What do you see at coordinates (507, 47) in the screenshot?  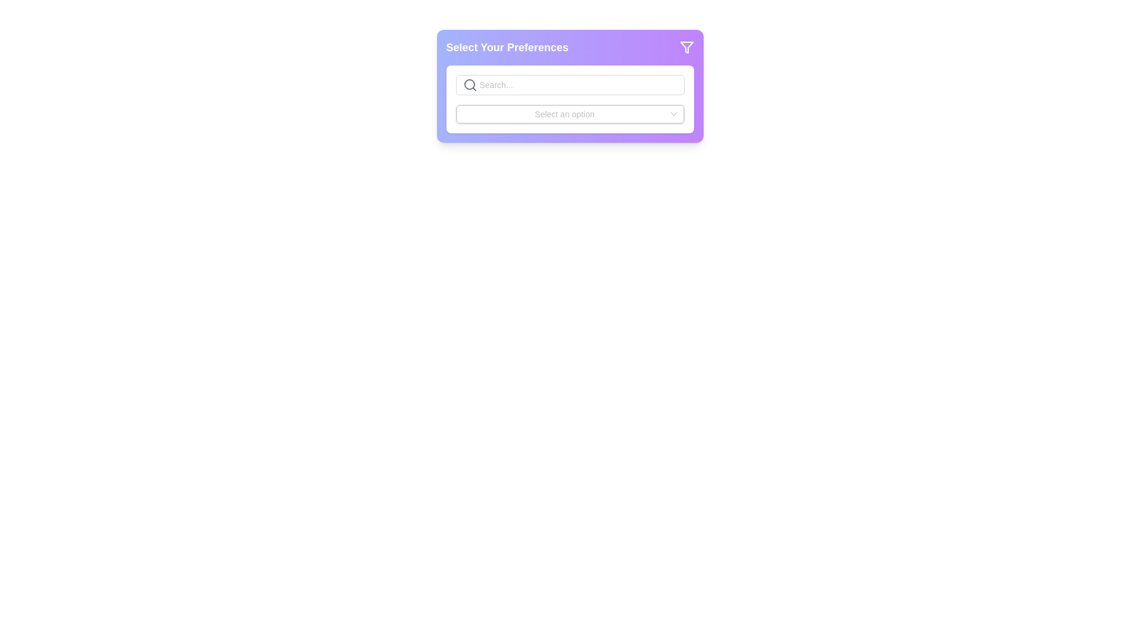 I see `the static text label that provides context for selecting preferences, located in the upper-left corner of its card-like section` at bounding box center [507, 47].